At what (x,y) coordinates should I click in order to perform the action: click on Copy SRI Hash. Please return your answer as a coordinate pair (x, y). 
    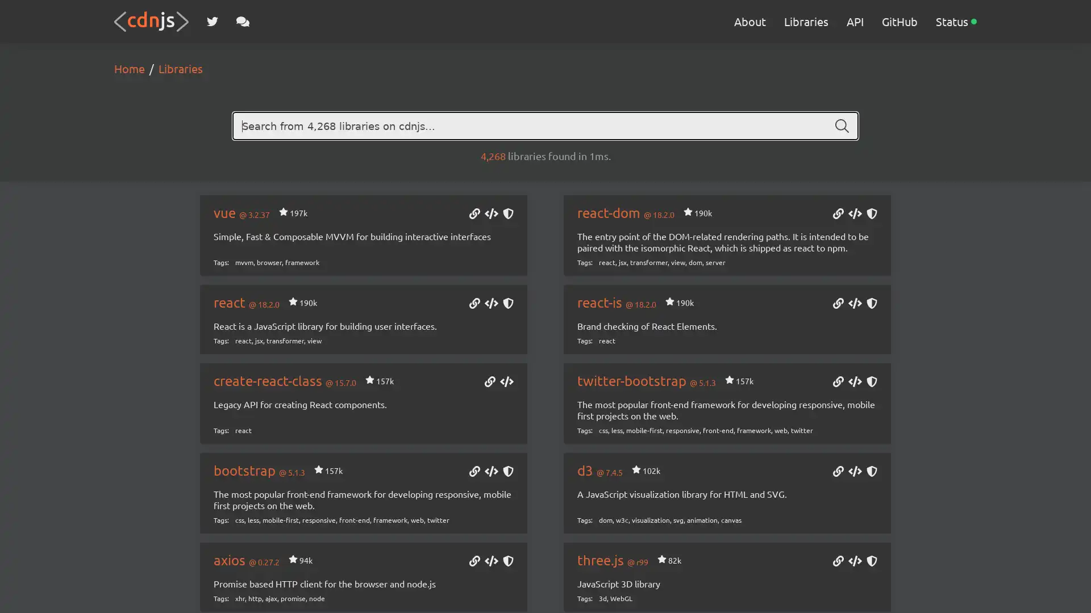
    Looking at the image, I should click on (507, 215).